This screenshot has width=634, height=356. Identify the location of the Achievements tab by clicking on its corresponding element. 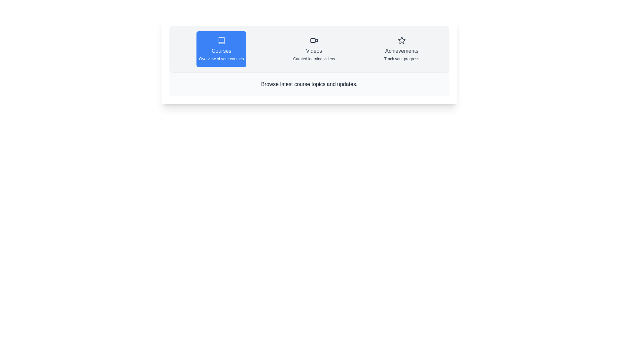
(401, 49).